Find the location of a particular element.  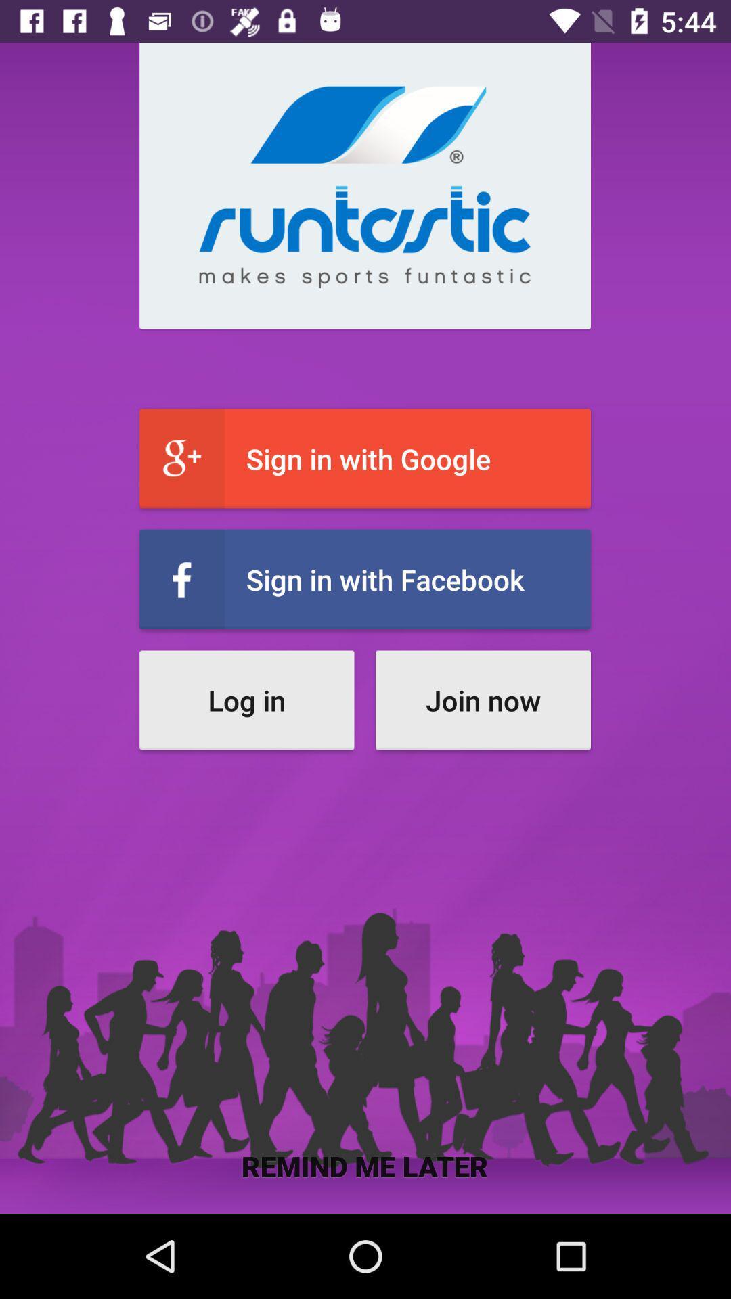

the icon next to log in icon is located at coordinates (482, 700).